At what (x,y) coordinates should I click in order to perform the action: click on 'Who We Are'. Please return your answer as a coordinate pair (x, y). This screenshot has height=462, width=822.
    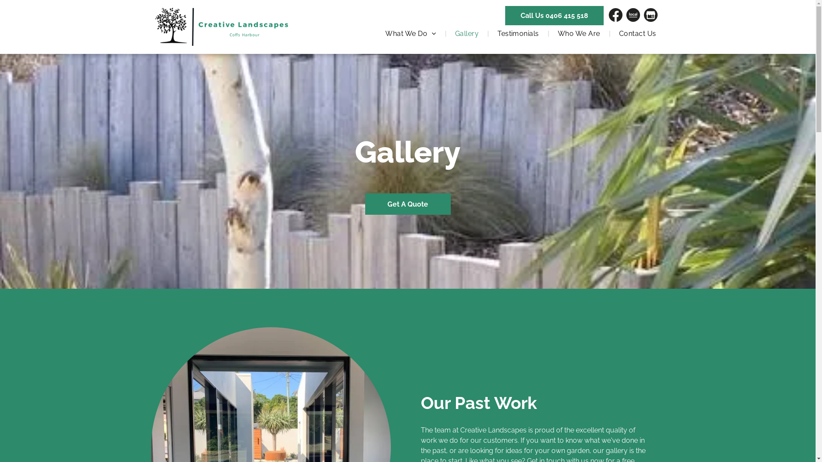
    Looking at the image, I should click on (549, 33).